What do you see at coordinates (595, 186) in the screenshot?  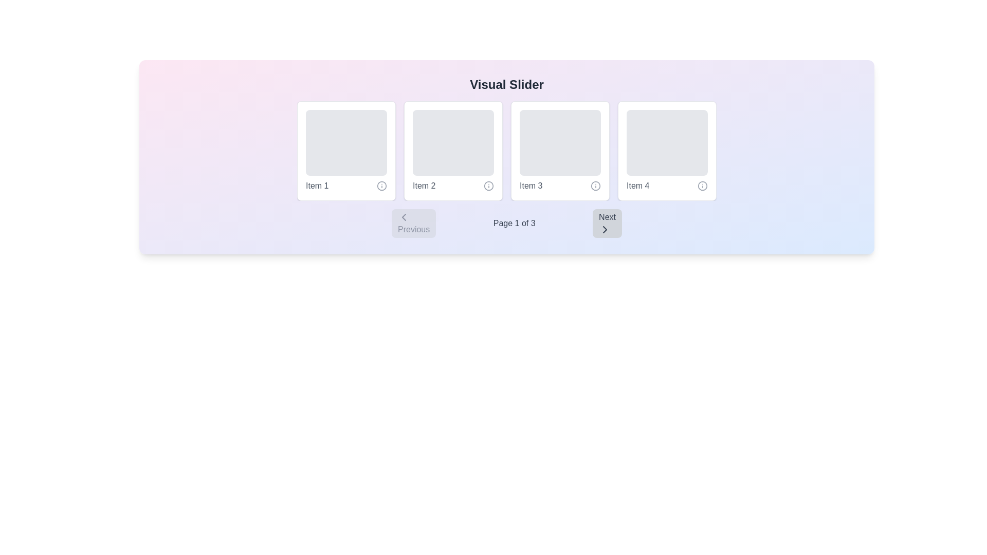 I see `the SVG graphical icon located to the right of the text 'Item 3' in the horizontal slider interface` at bounding box center [595, 186].